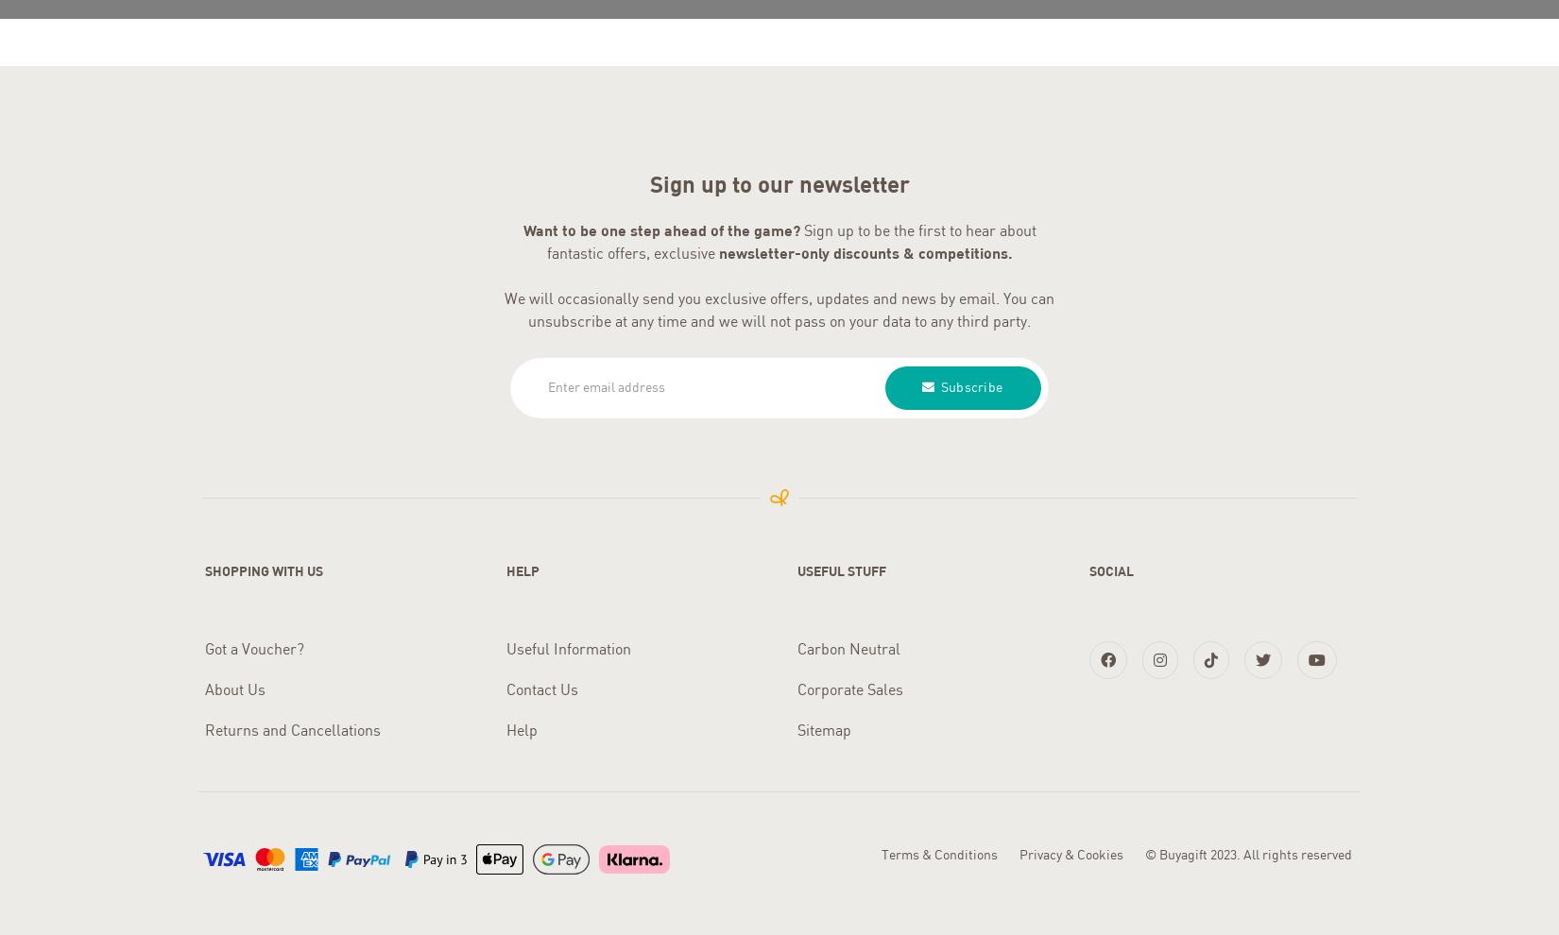  I want to click on 'Privacy & Cookies', so click(1071, 849).